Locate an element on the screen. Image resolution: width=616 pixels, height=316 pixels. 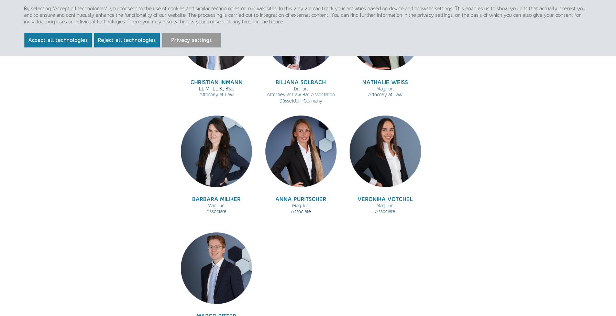
'BILJANA SOLBACH' is located at coordinates (301, 82).